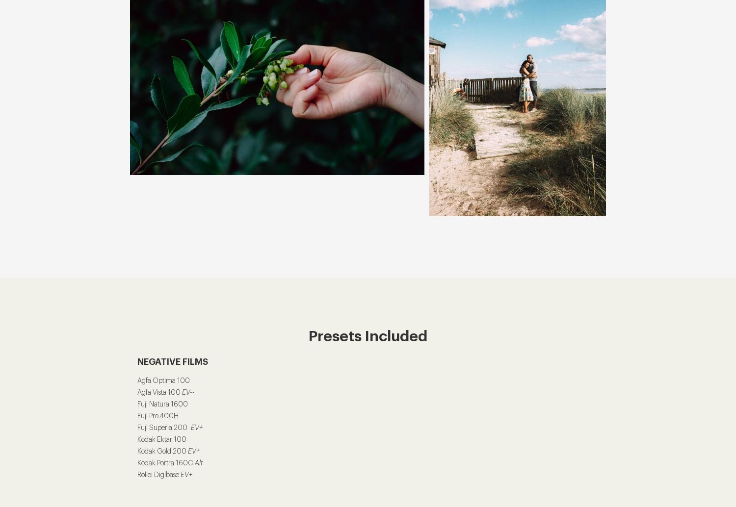  I want to click on 'Fuji Pro 400H', so click(158, 416).